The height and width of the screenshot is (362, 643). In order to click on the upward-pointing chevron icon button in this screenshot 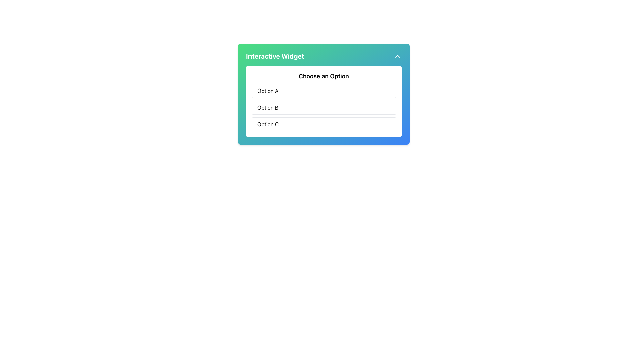, I will do `click(397, 56)`.